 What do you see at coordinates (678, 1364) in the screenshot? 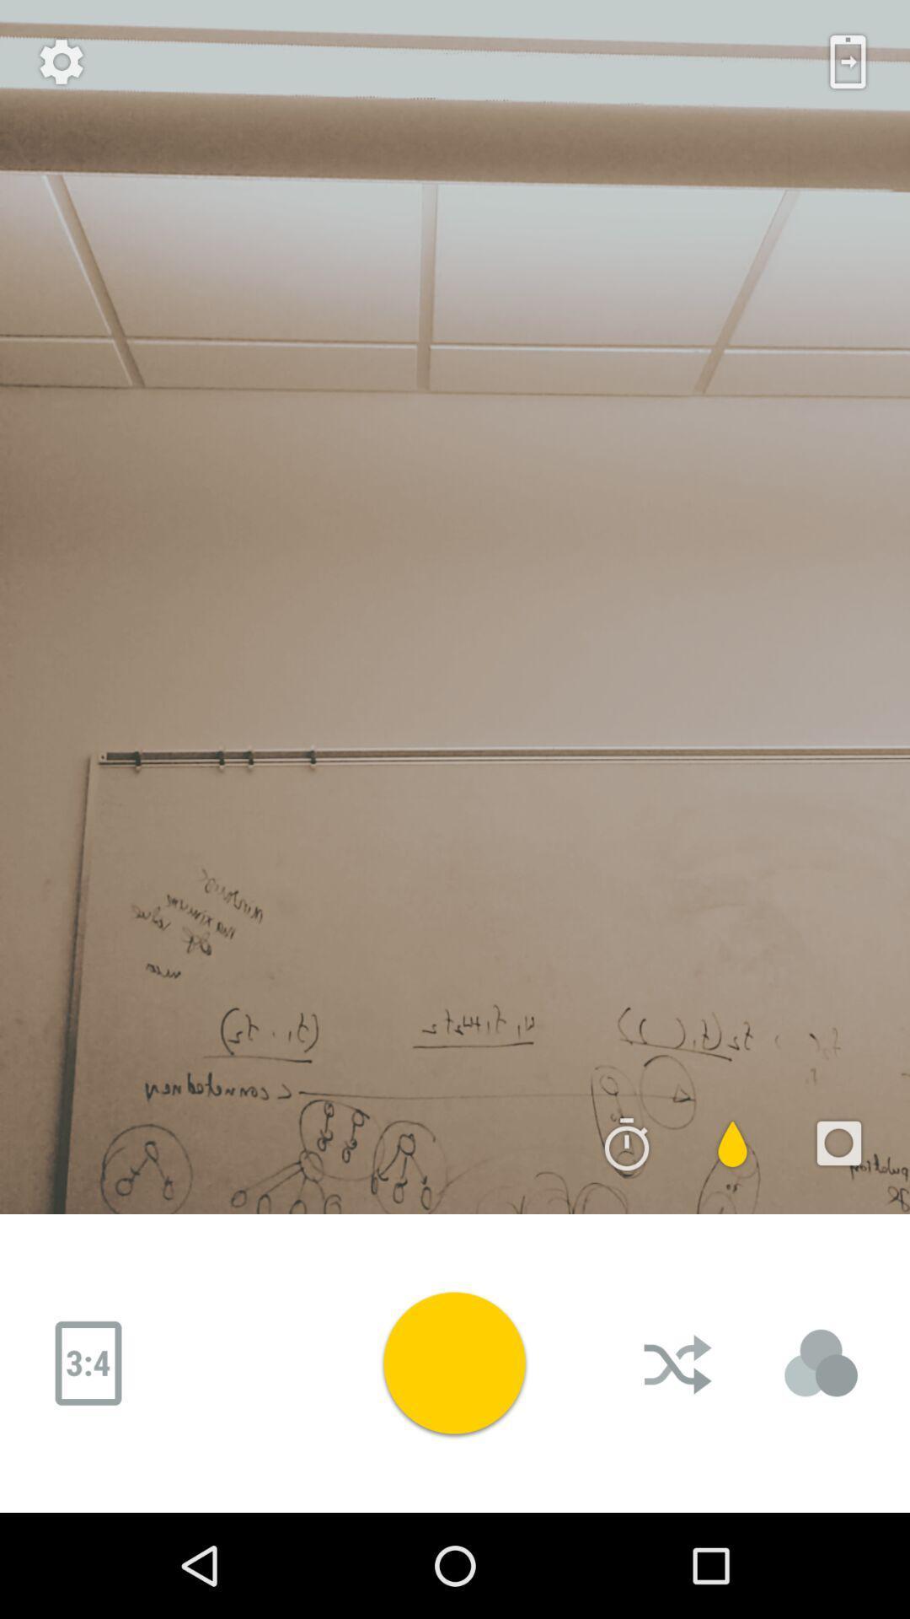
I see `shuffle` at bounding box center [678, 1364].